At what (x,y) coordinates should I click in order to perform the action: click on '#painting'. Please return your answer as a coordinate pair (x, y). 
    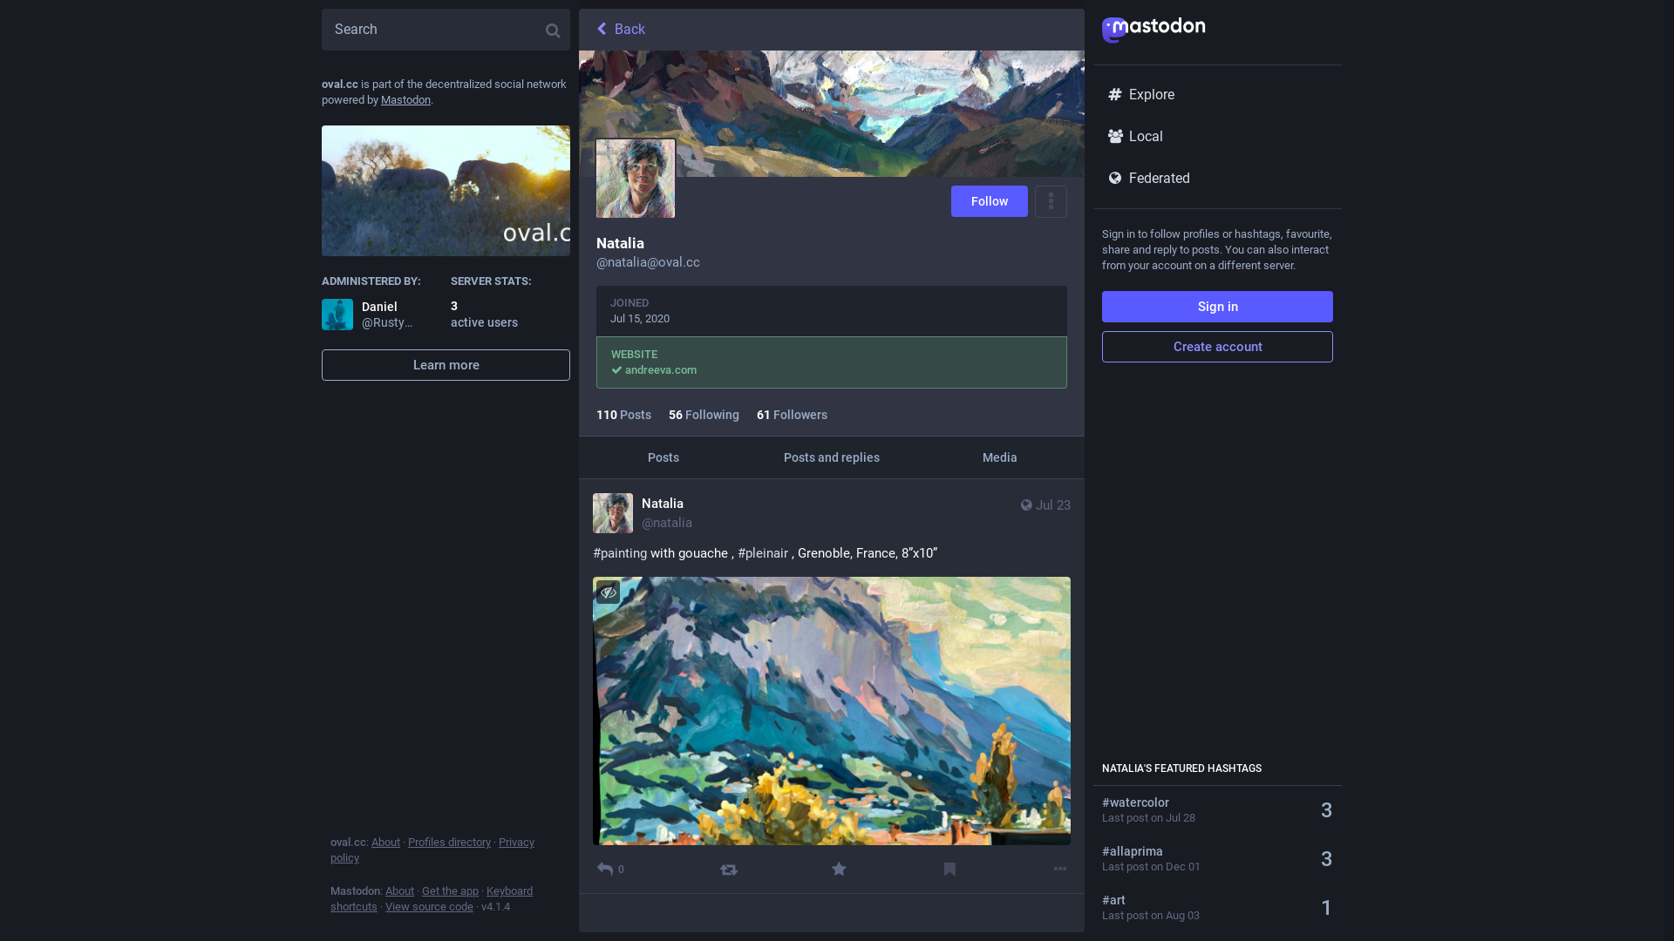
    Looking at the image, I should click on (619, 553).